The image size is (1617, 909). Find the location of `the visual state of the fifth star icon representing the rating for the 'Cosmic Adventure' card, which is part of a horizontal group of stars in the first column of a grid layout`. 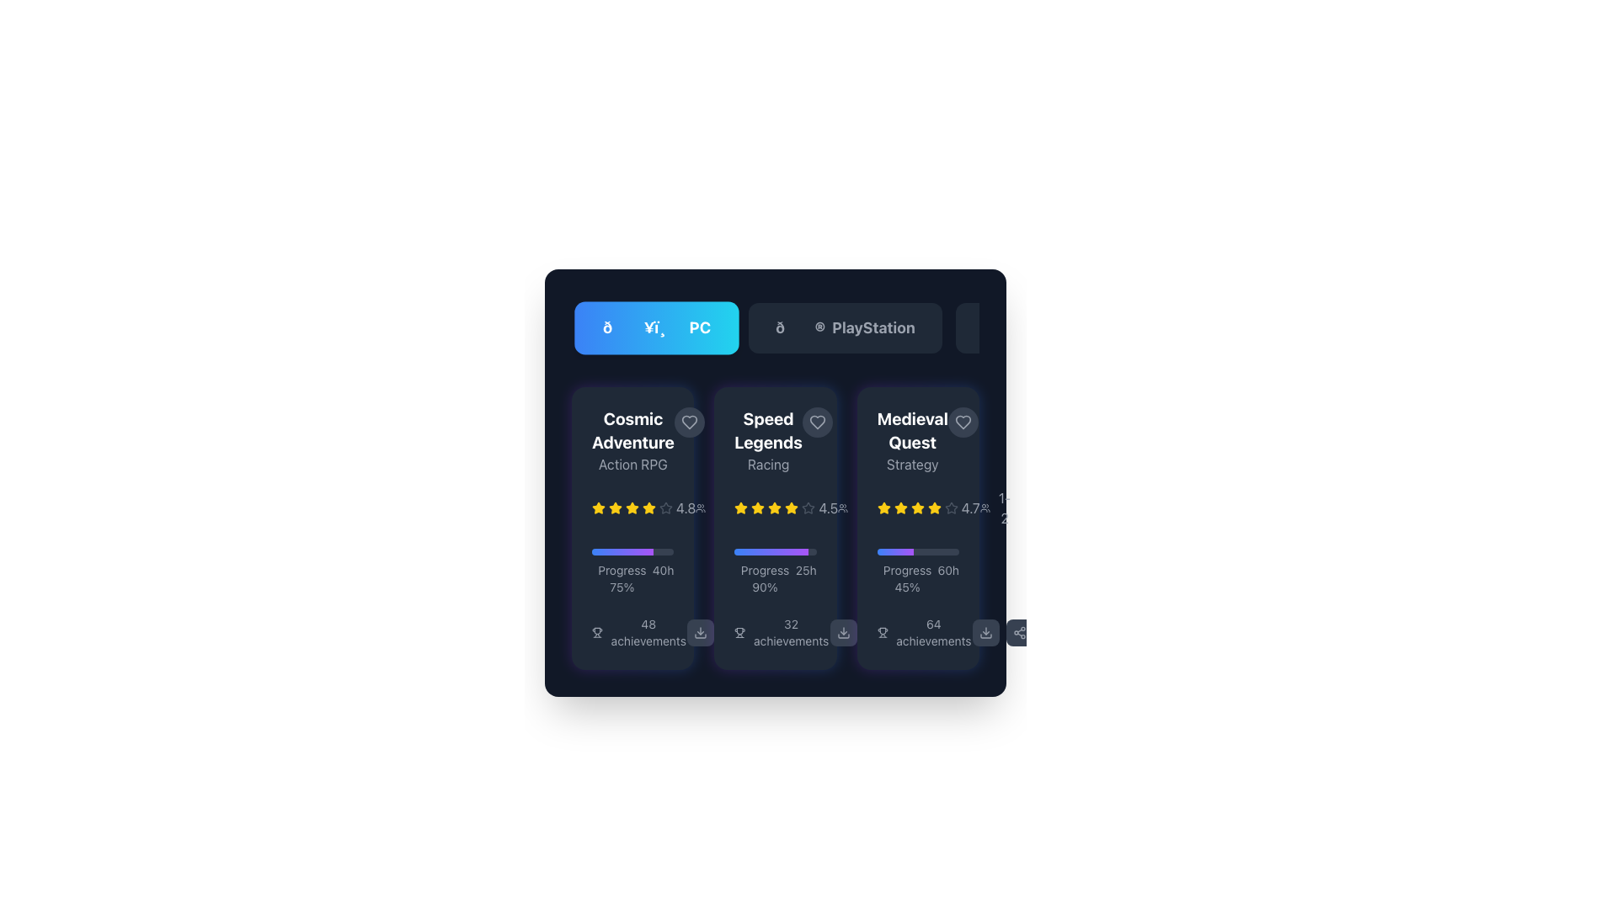

the visual state of the fifth star icon representing the rating for the 'Cosmic Adventure' card, which is part of a horizontal group of stars in the first column of a grid layout is located at coordinates (631, 508).